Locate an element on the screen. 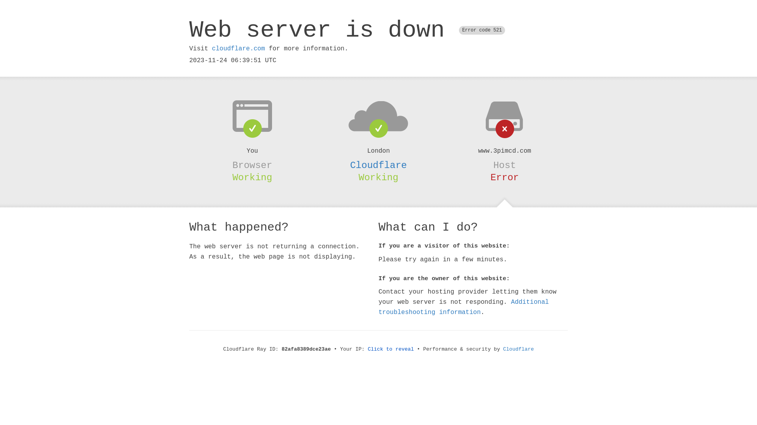 Image resolution: width=757 pixels, height=425 pixels. 'Cloudflare' is located at coordinates (378, 165).